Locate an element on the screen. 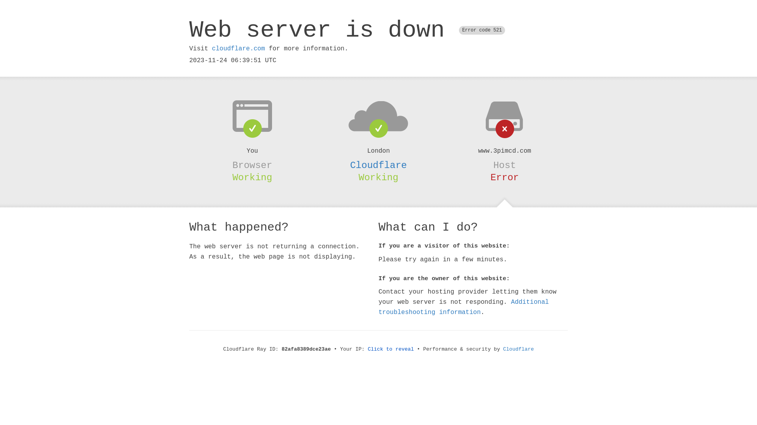 Image resolution: width=757 pixels, height=425 pixels. 'Cloudflare' is located at coordinates (378, 165).